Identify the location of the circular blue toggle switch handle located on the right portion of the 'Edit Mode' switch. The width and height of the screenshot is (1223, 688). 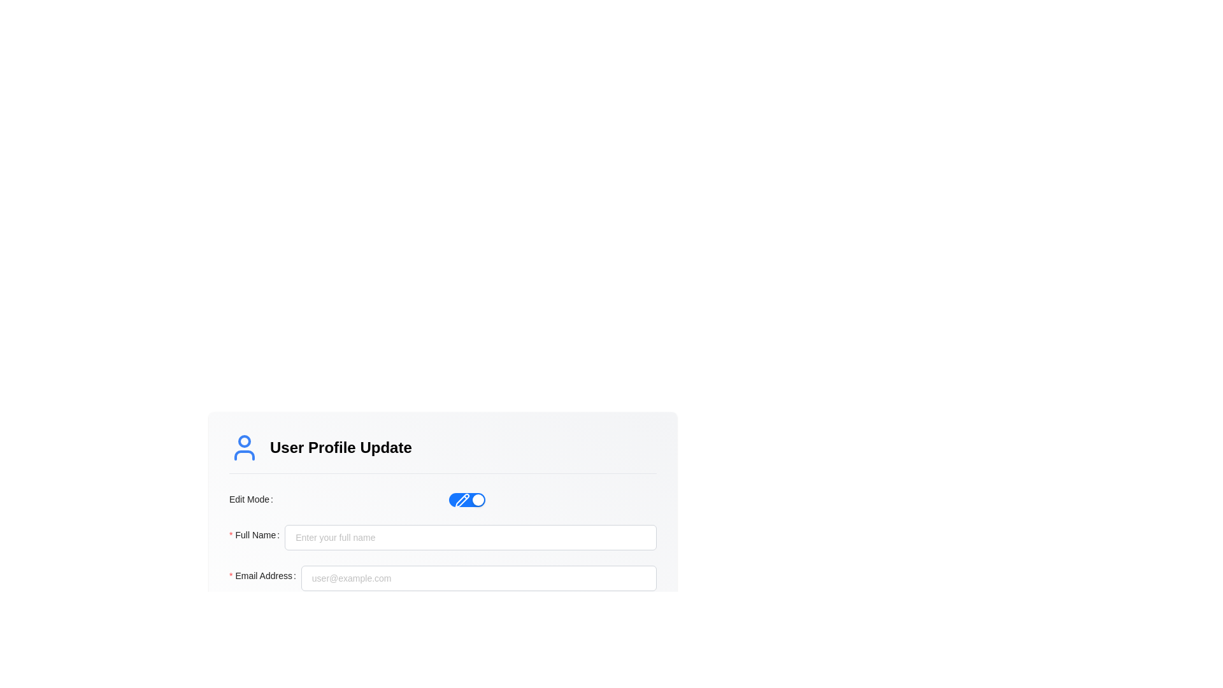
(478, 499).